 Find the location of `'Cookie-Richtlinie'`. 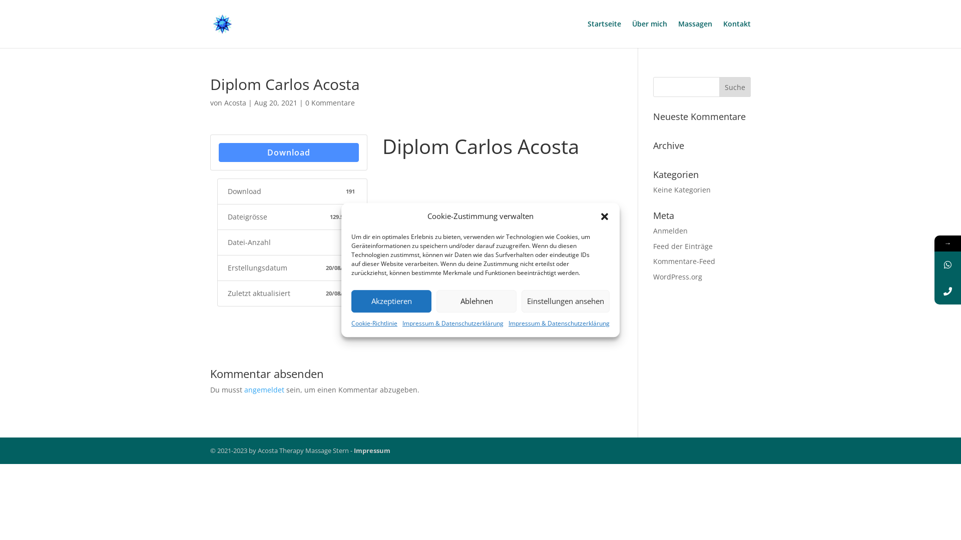

'Cookie-Richtlinie' is located at coordinates (374, 323).